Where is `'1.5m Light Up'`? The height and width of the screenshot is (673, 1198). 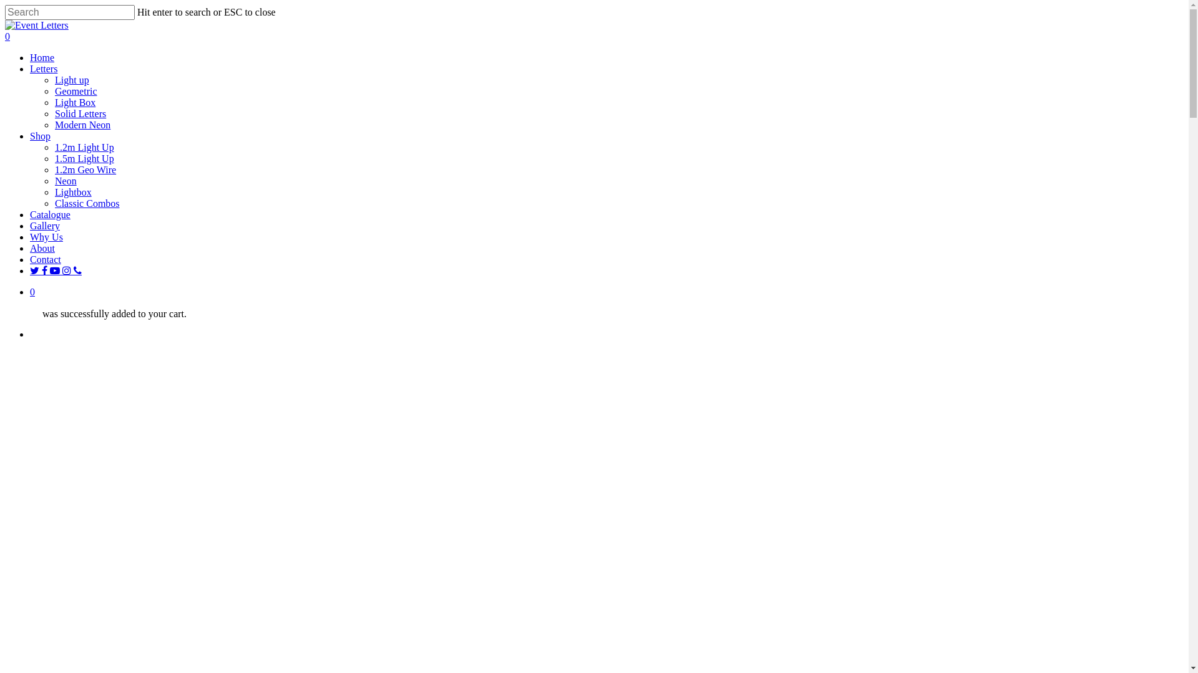
'1.5m Light Up' is located at coordinates (84, 158).